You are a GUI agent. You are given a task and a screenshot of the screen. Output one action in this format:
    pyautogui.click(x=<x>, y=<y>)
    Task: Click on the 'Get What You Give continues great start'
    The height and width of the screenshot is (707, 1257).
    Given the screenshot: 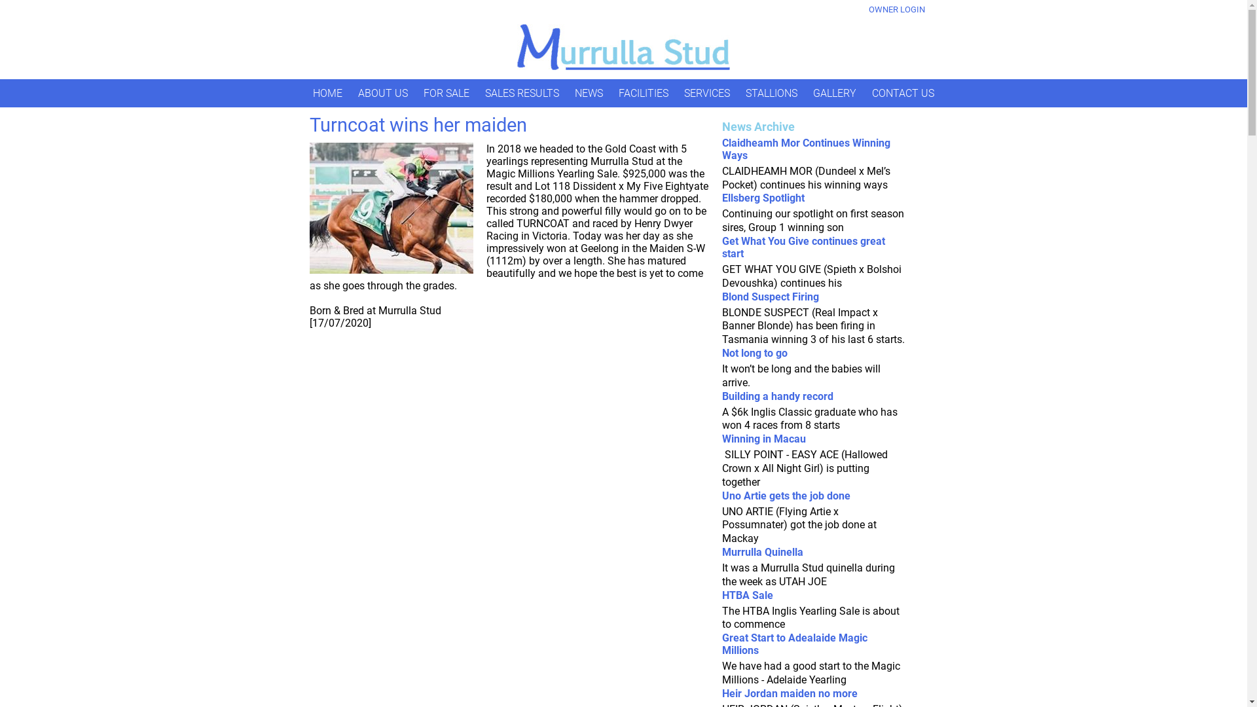 What is the action you would take?
    pyautogui.click(x=721, y=247)
    